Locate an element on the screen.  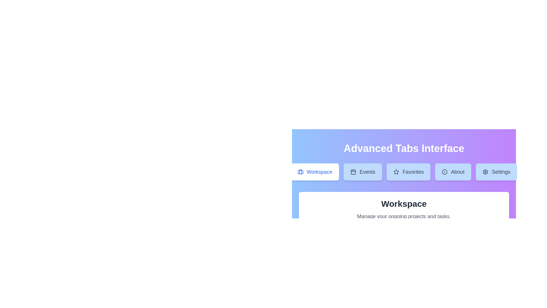
the gear-shaped icon representing settings, which is centrally located within the light blue 'Settings' button in the top-right navigation menu is located at coordinates (485, 171).